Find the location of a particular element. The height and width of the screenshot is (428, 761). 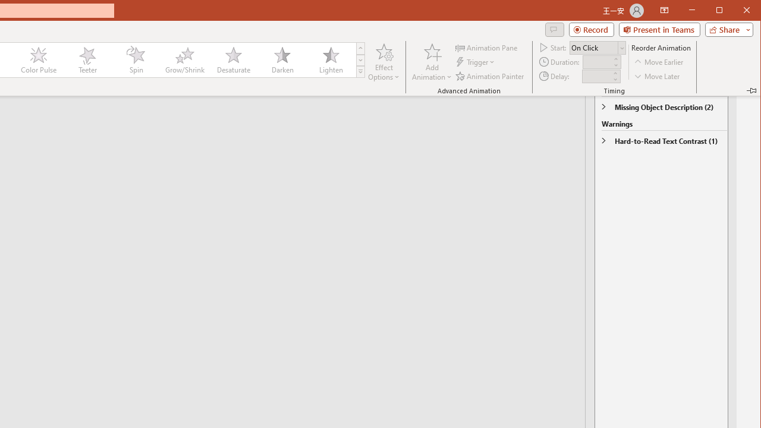

'Share' is located at coordinates (726, 29).